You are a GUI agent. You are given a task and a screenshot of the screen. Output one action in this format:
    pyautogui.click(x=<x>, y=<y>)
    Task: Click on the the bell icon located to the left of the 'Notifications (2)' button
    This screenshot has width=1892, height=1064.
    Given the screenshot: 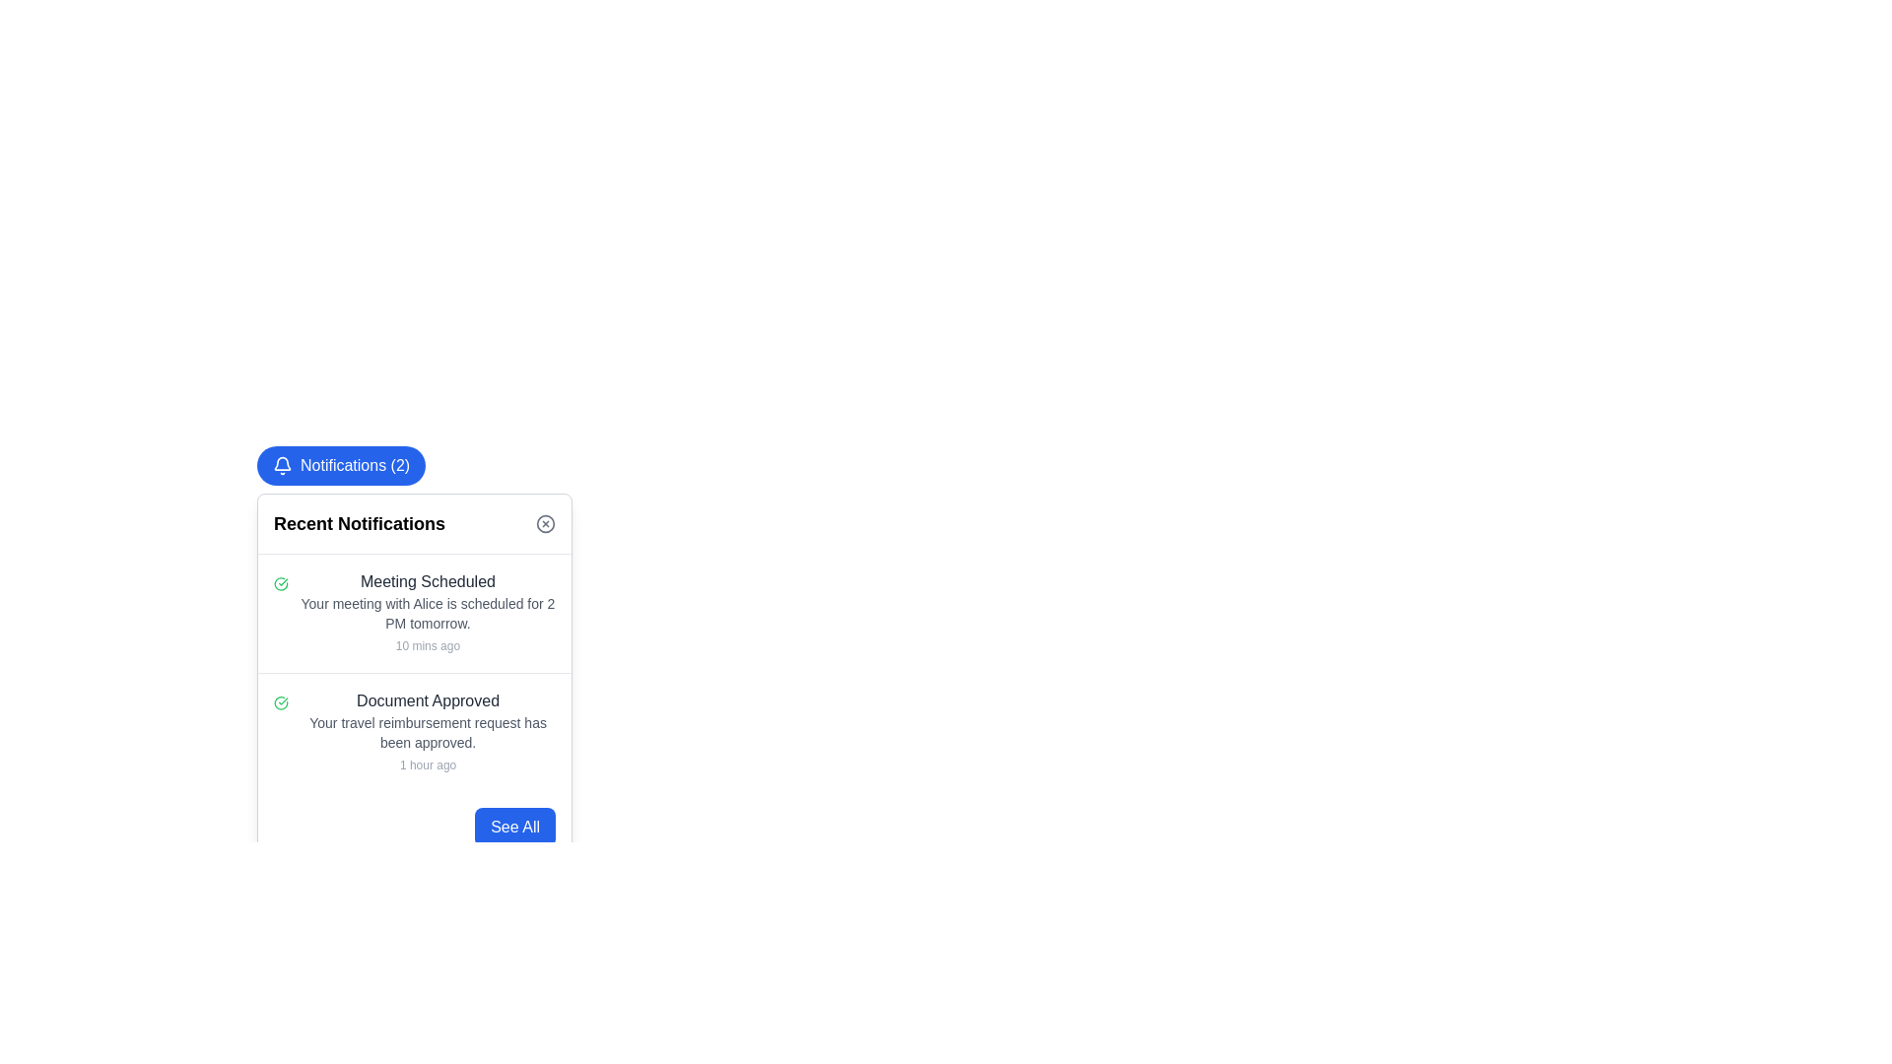 What is the action you would take?
    pyautogui.click(x=282, y=466)
    